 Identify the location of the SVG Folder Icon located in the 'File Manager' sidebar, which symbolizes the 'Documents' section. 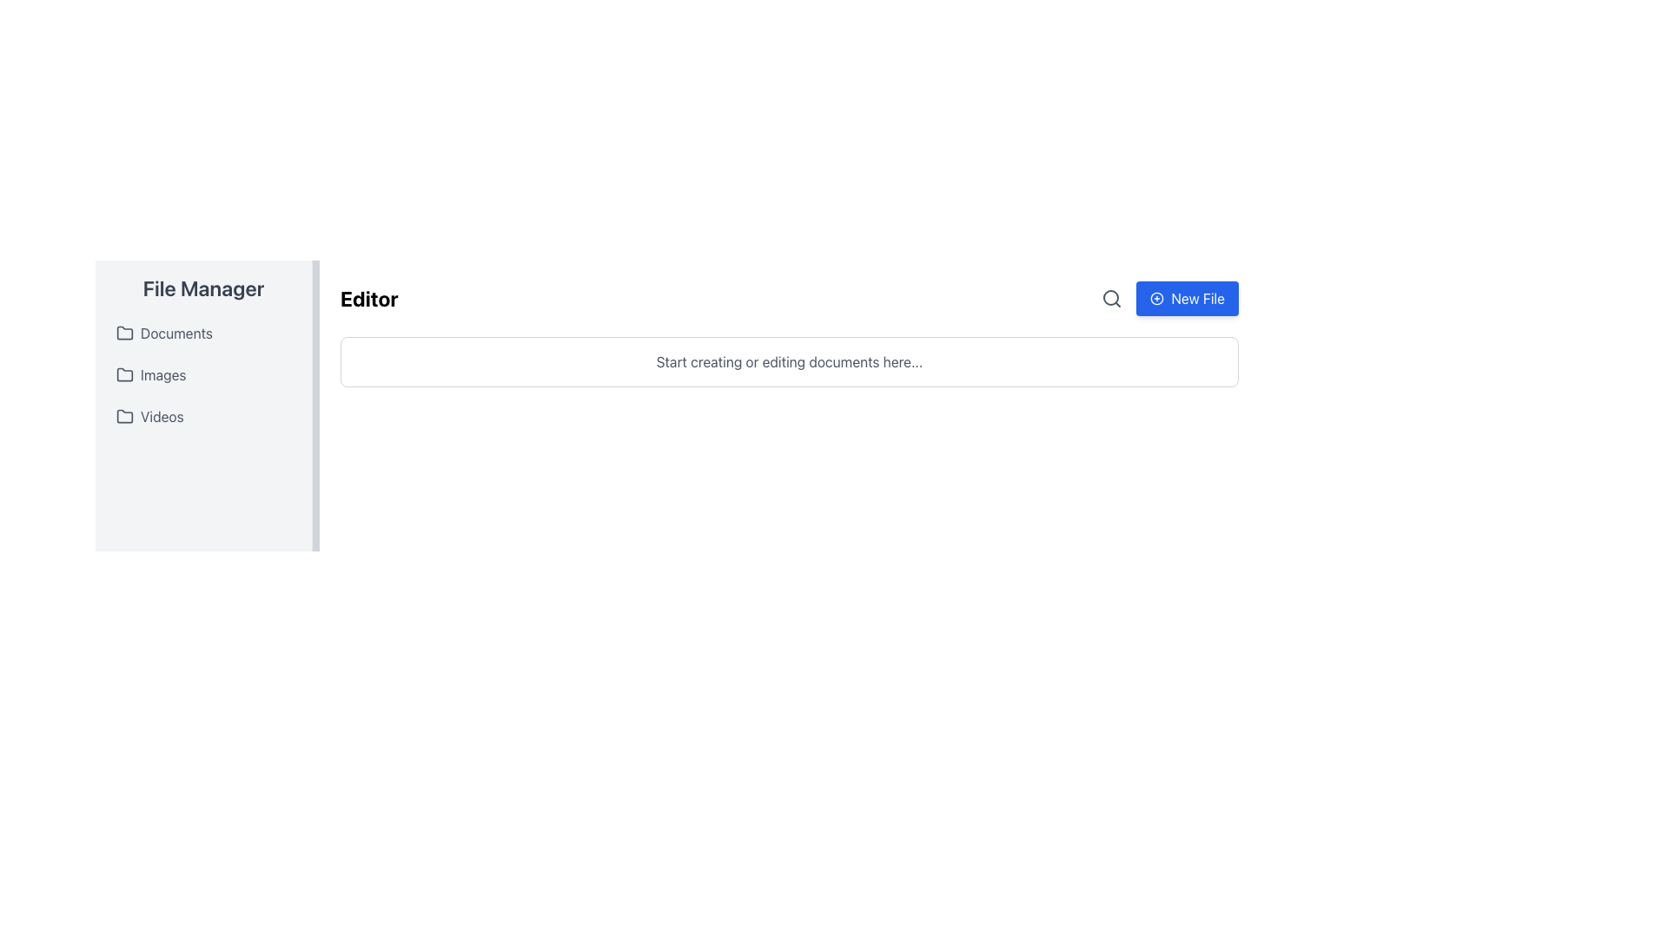
(124, 334).